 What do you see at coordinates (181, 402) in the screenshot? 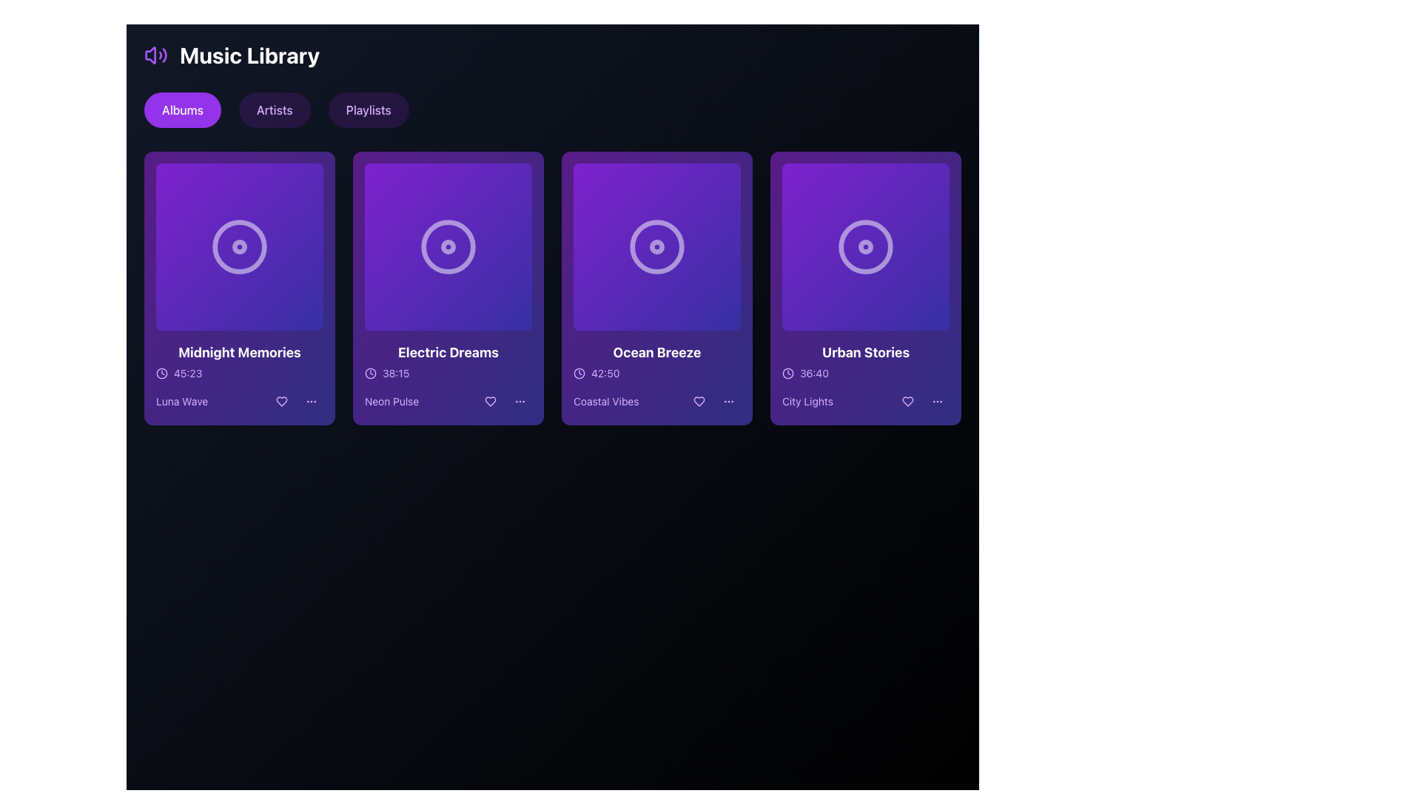
I see `the Text label that serves as a subtitle for the card displaying 'Midnight Memories', located at the bottom-left corner of the first column in a grid of four cards` at bounding box center [181, 402].